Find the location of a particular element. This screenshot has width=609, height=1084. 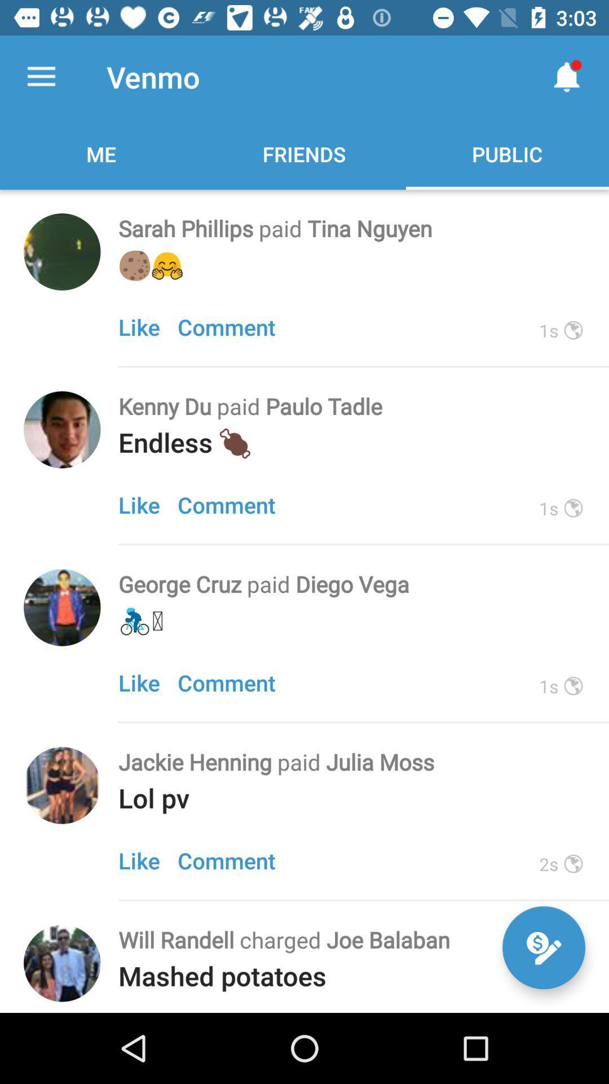

edit enter info for money transfer is located at coordinates (543, 947).